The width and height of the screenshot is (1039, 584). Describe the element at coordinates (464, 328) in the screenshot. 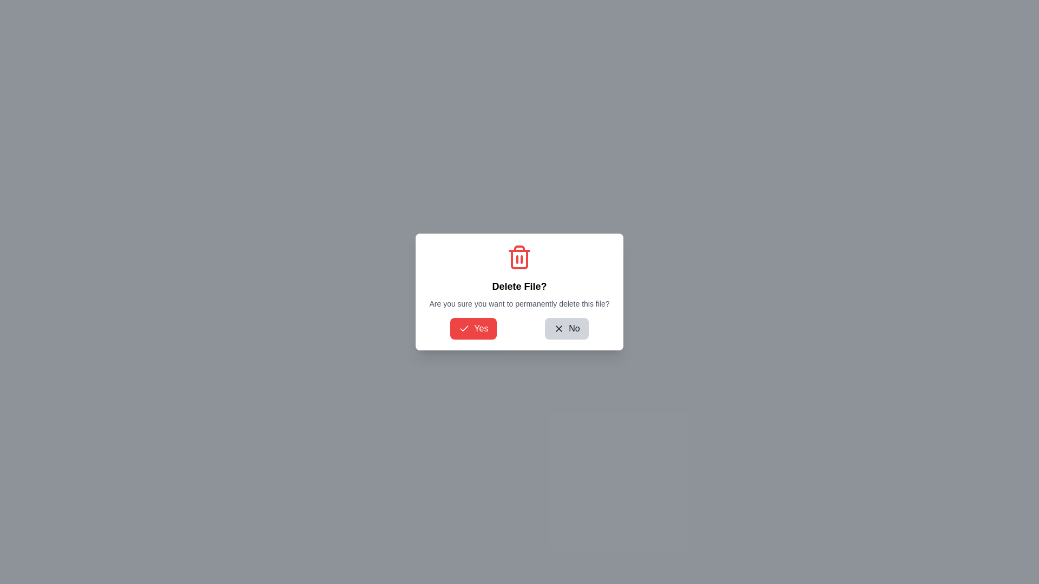

I see `the confirmation icon located to the left of the 'Yes' text within the red button at the lower left of the dialog box` at that location.